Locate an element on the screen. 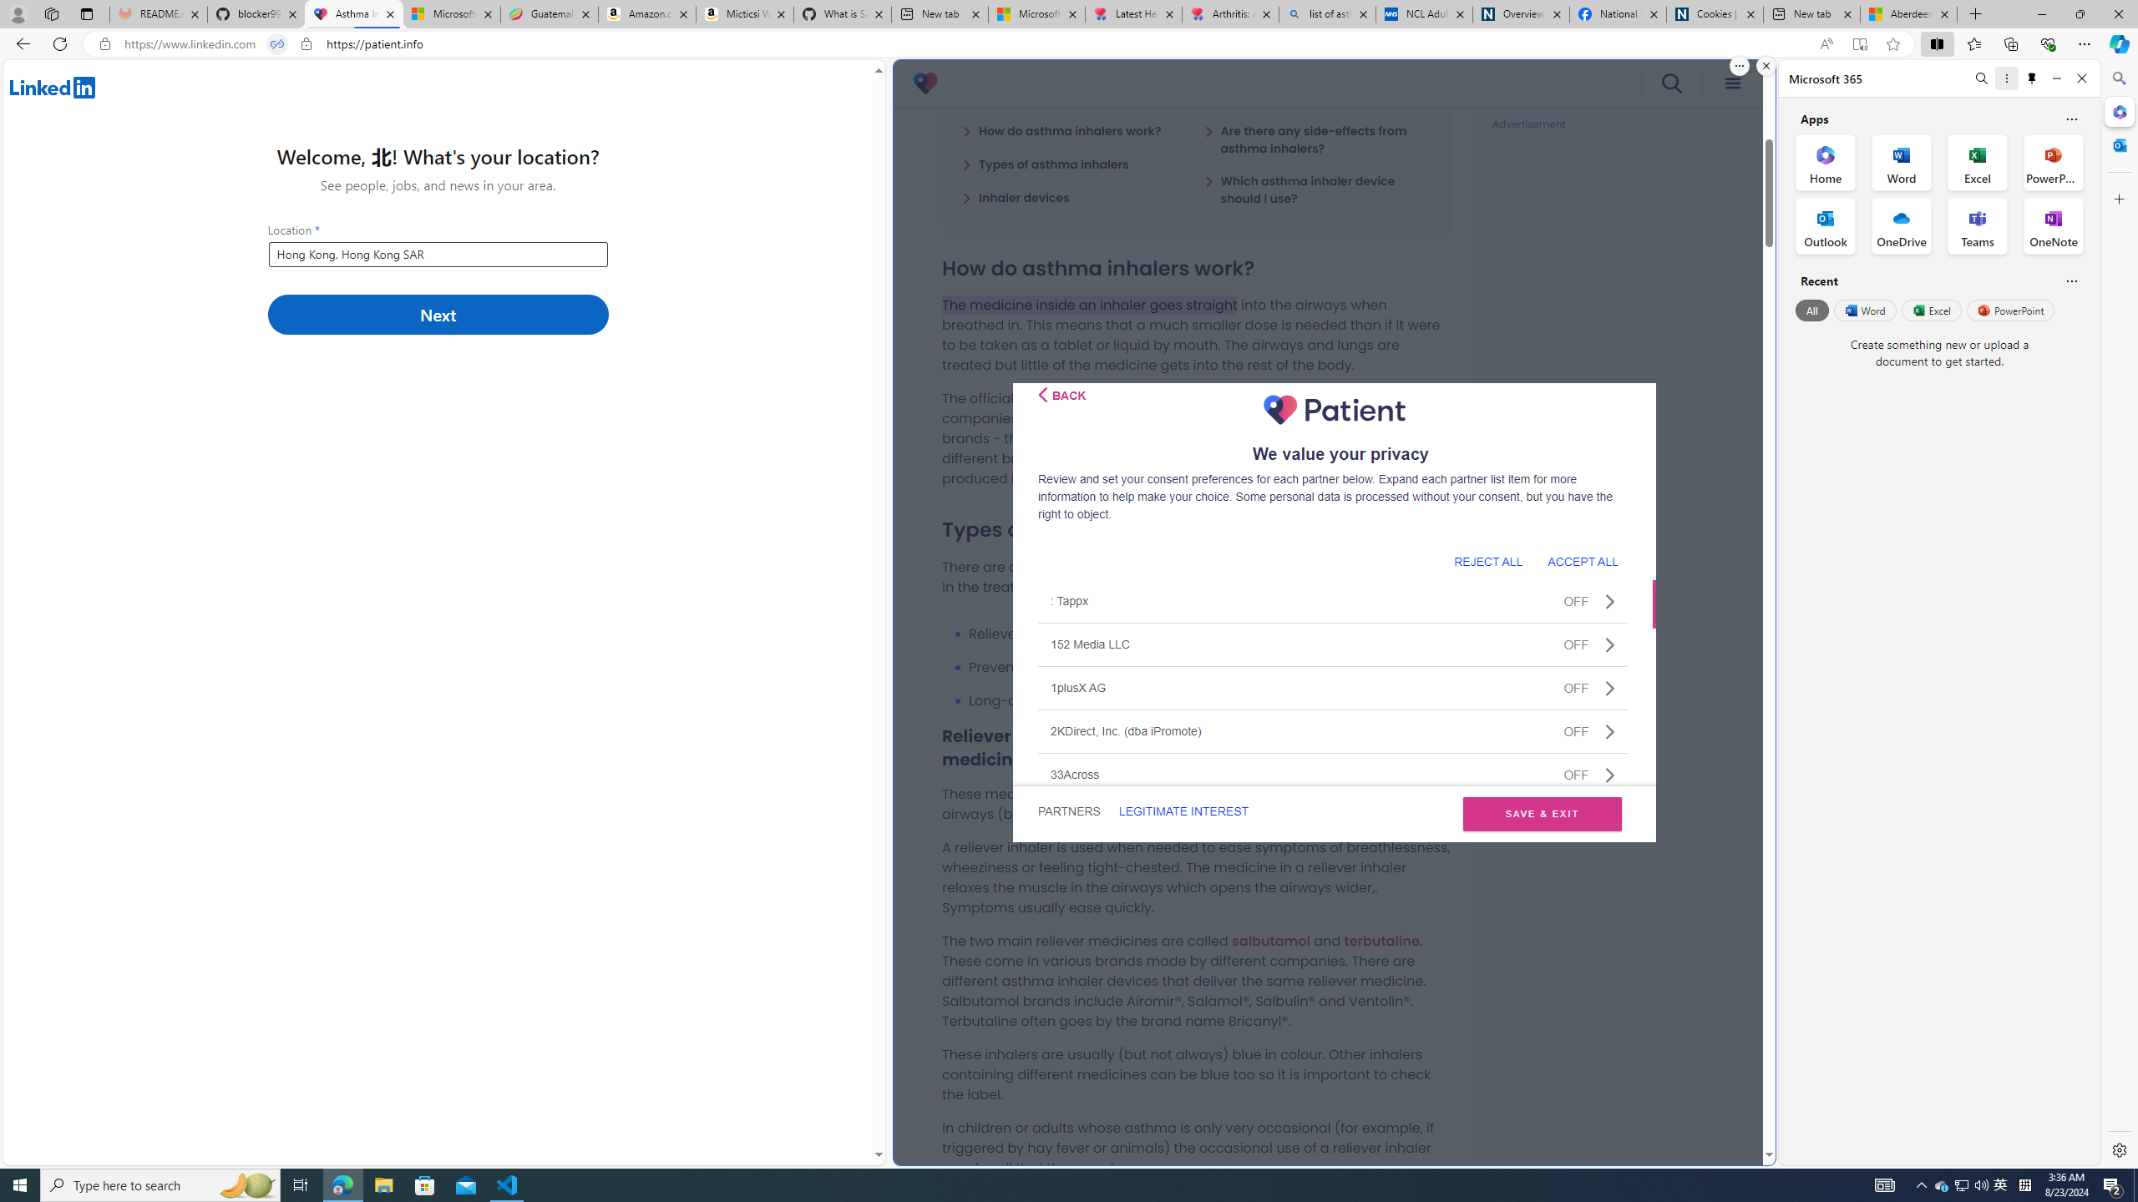 This screenshot has width=2138, height=1202. 'REJECT ALL' is located at coordinates (1487, 560).